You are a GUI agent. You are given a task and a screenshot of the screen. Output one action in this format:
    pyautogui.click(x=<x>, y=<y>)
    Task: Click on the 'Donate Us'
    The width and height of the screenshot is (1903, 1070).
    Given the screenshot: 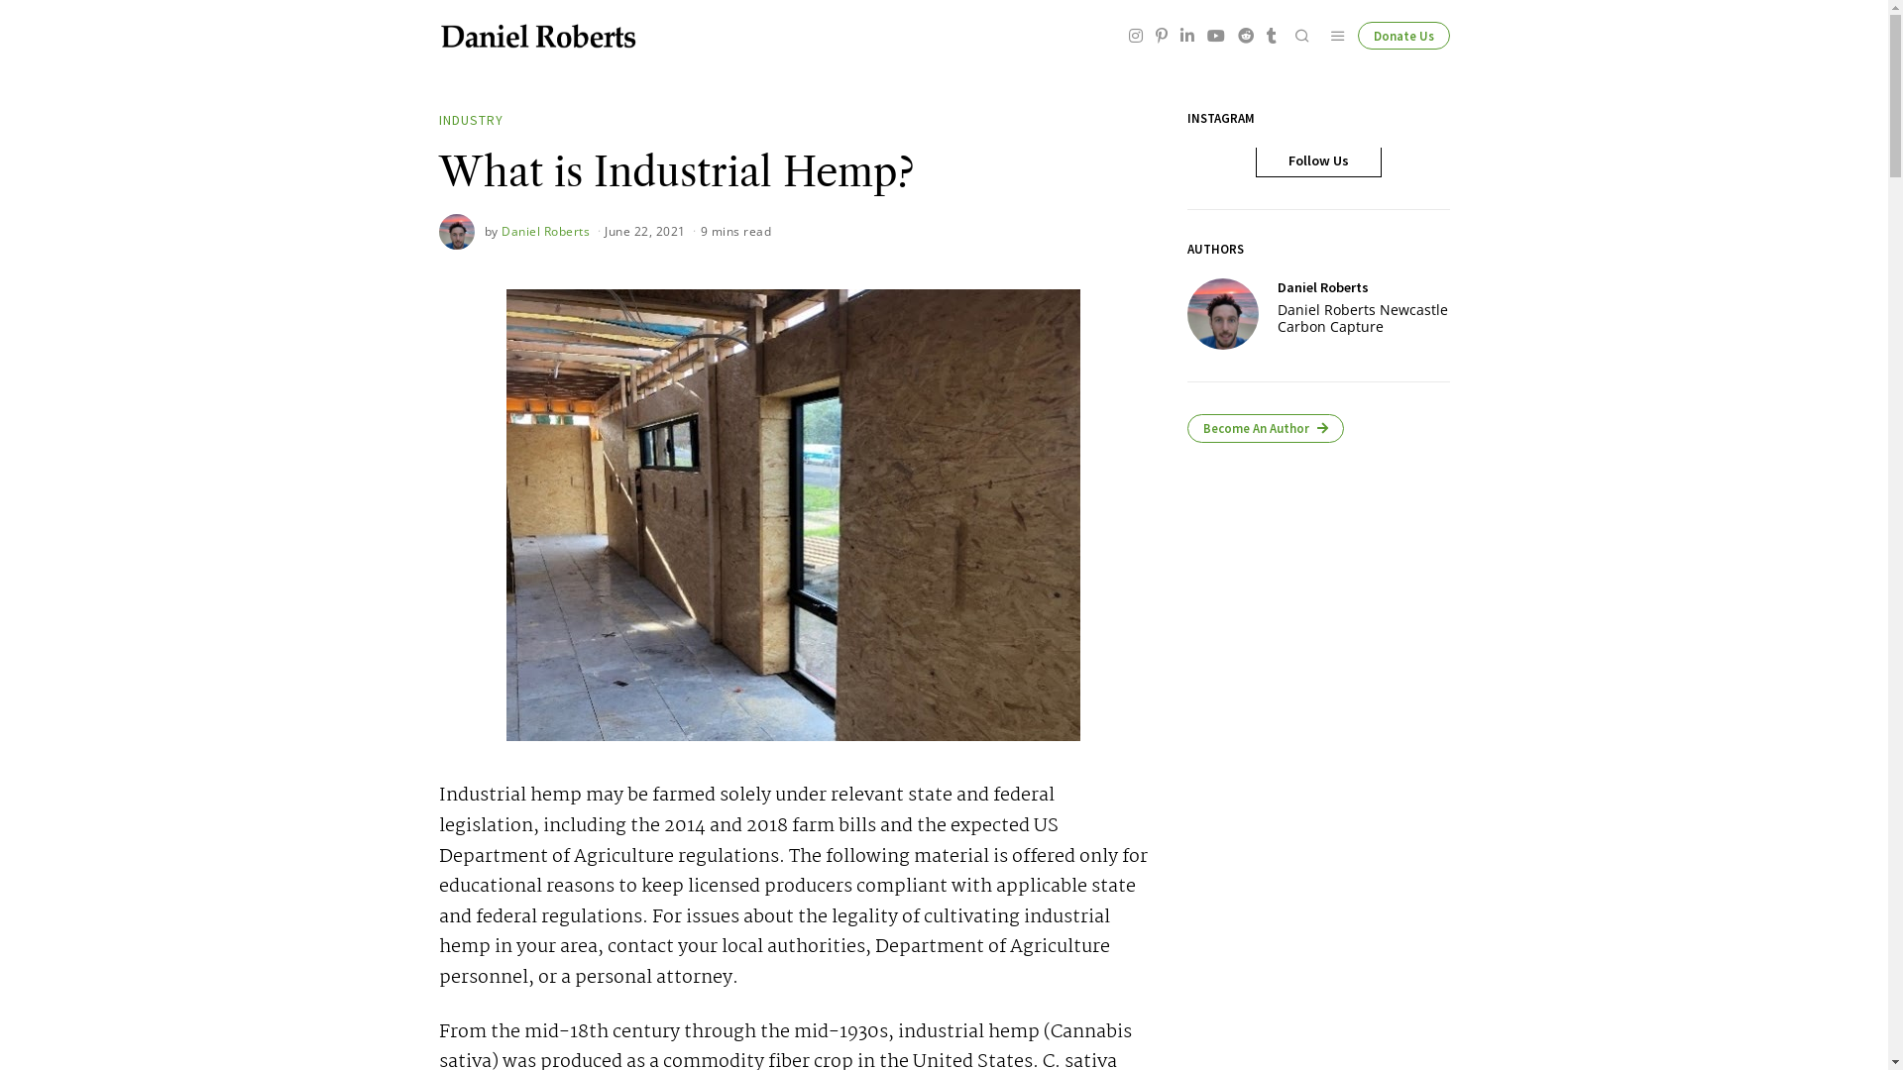 What is the action you would take?
    pyautogui.click(x=1356, y=35)
    